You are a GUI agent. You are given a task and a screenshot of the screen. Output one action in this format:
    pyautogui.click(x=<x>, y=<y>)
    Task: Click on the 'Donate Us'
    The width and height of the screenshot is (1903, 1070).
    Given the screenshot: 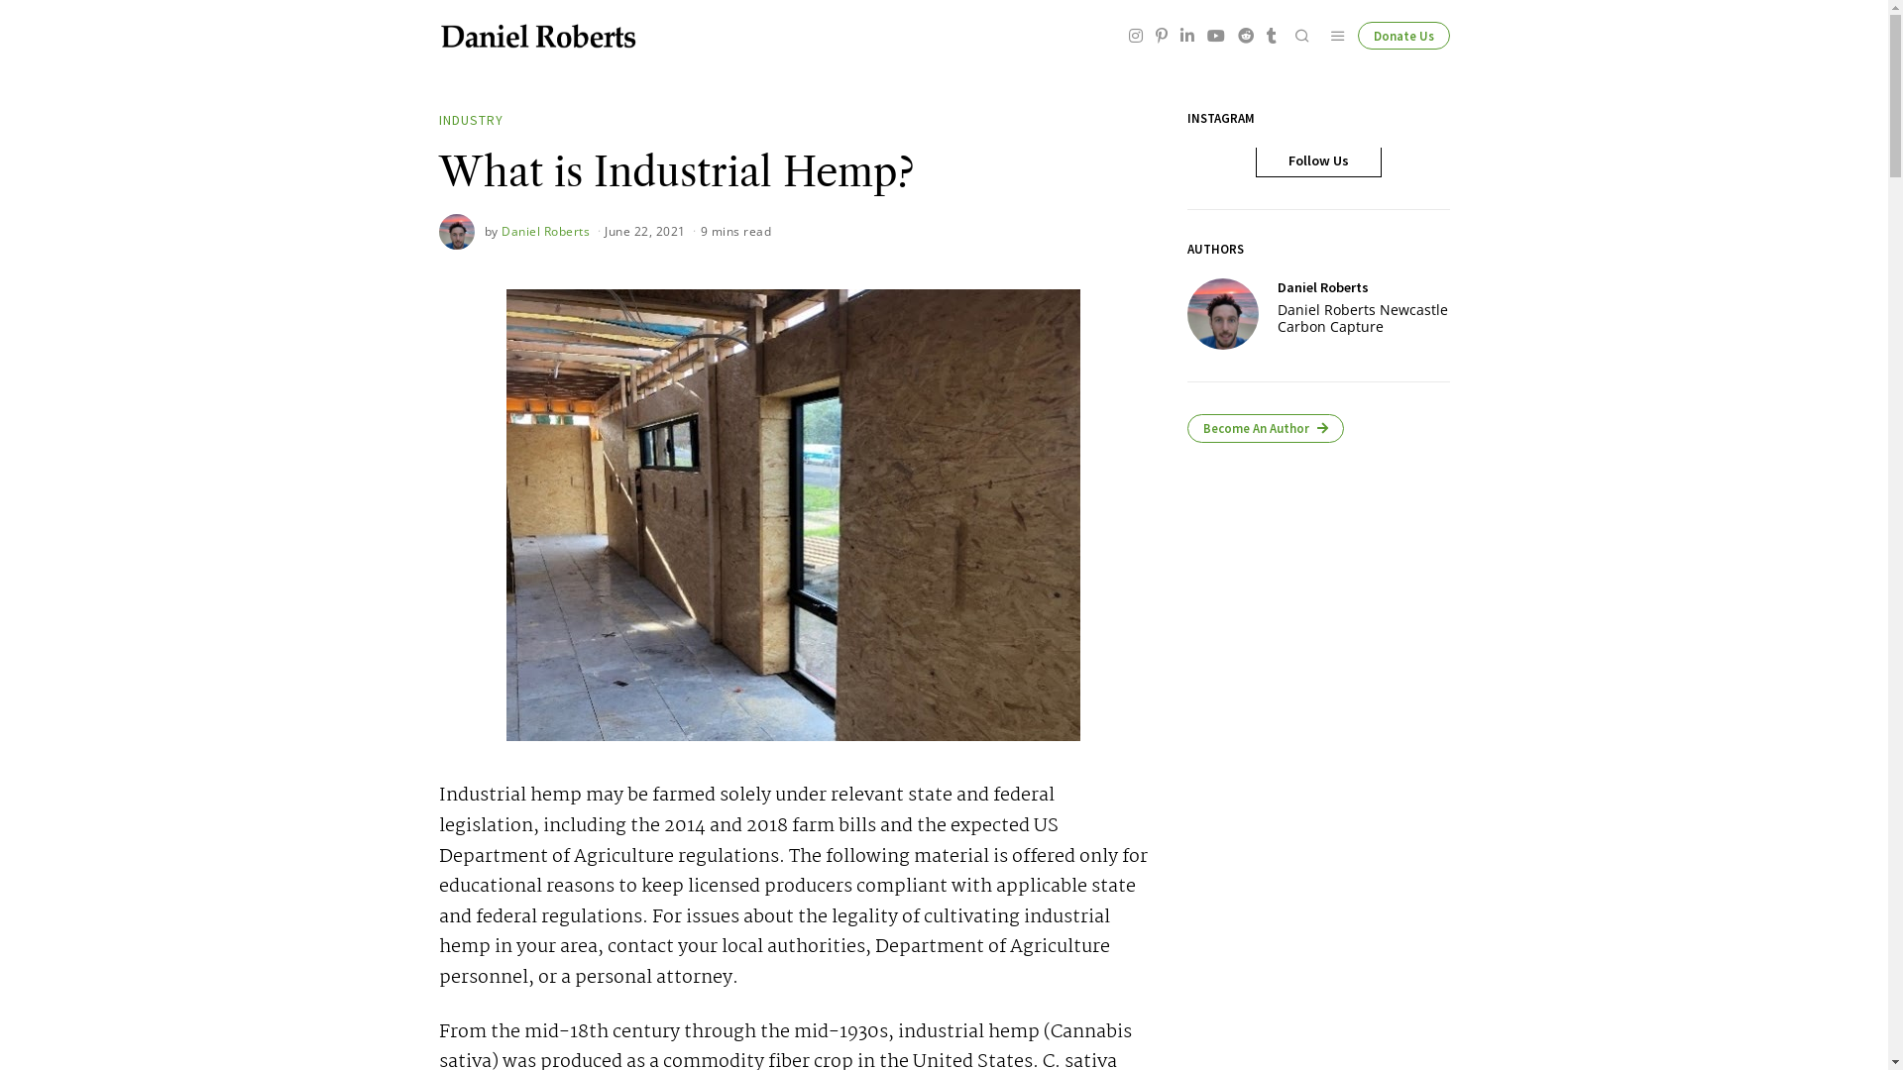 What is the action you would take?
    pyautogui.click(x=1356, y=35)
    